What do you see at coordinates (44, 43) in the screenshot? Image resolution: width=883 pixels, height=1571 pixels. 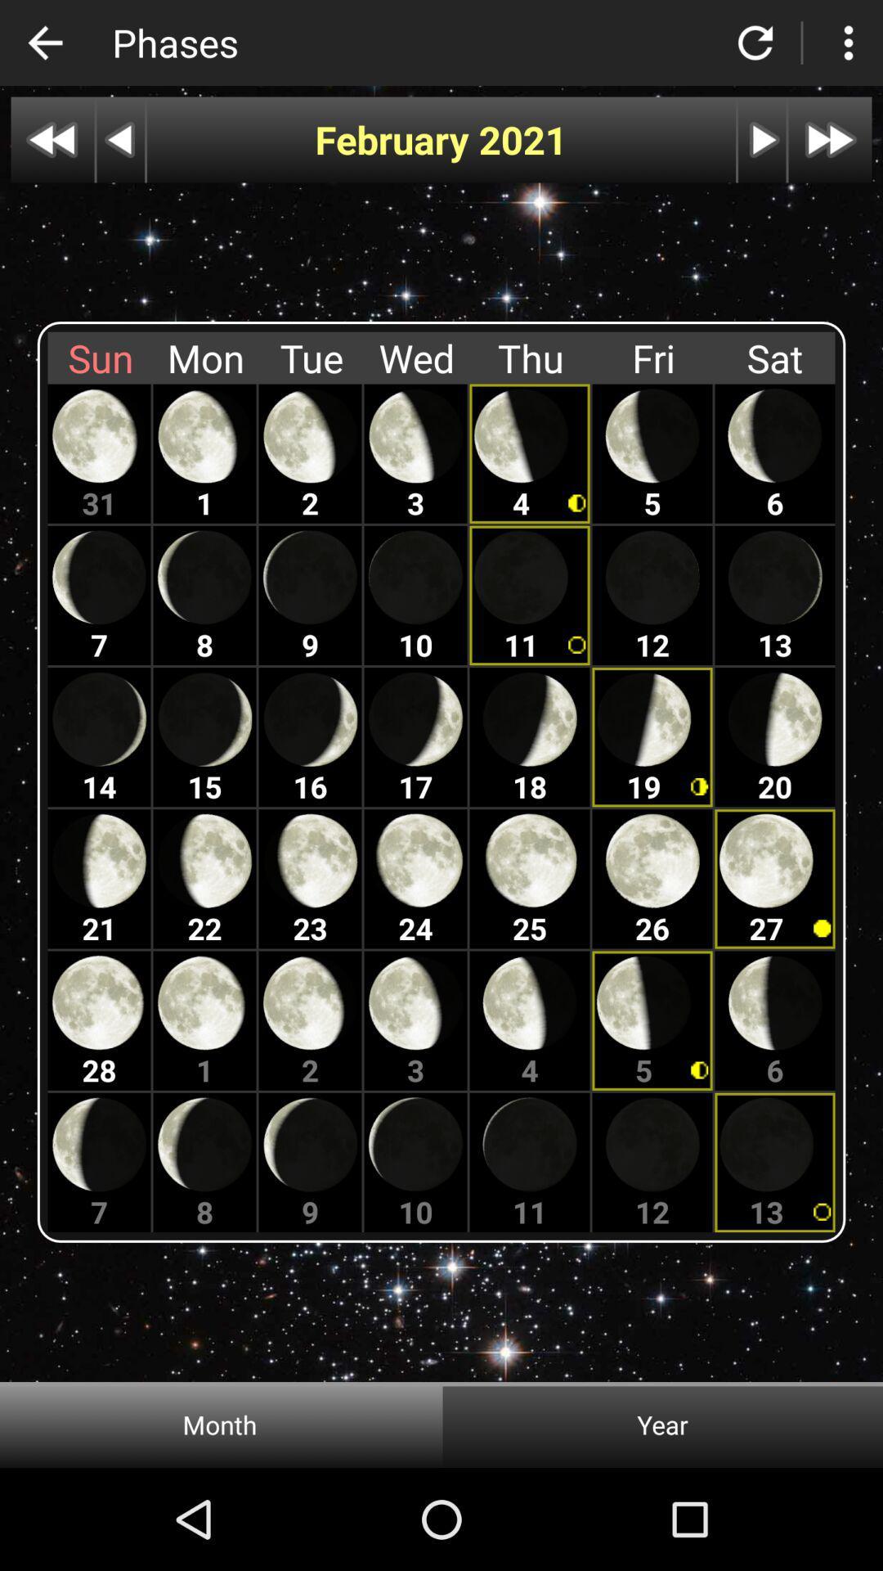 I see `the arrow_backward icon` at bounding box center [44, 43].